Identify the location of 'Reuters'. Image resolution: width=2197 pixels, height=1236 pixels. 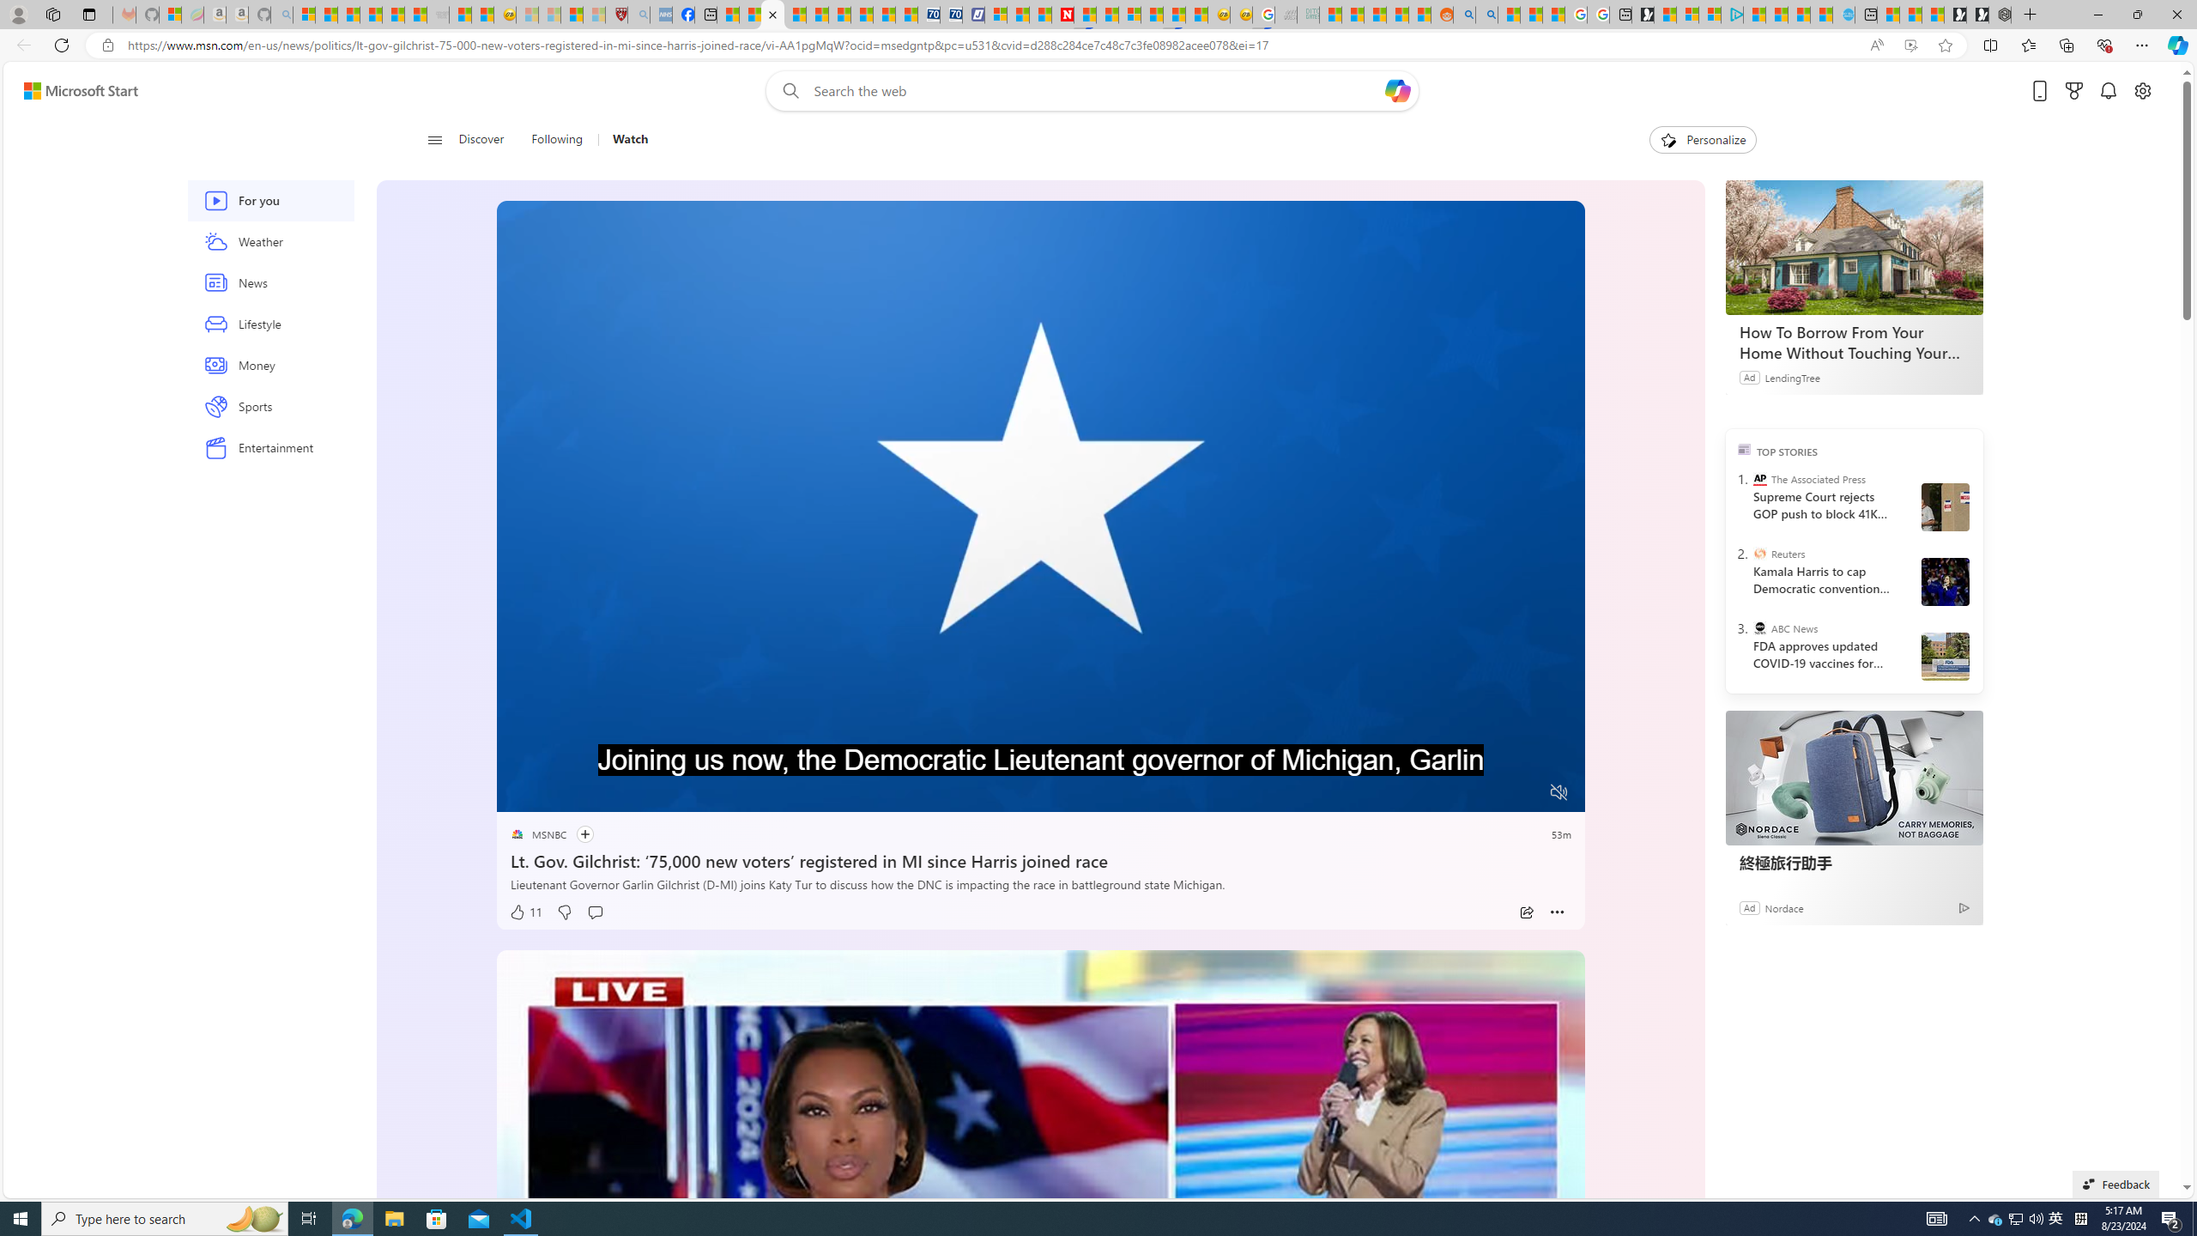
(1759, 552).